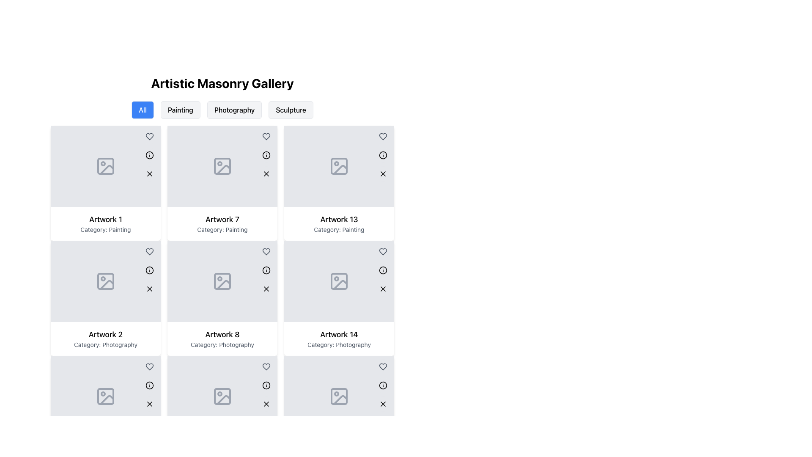 The height and width of the screenshot is (457, 812). Describe the element at coordinates (383, 270) in the screenshot. I see `the 'info' icon button located in the top-right corner of the 'Artwork 13' box` at that location.